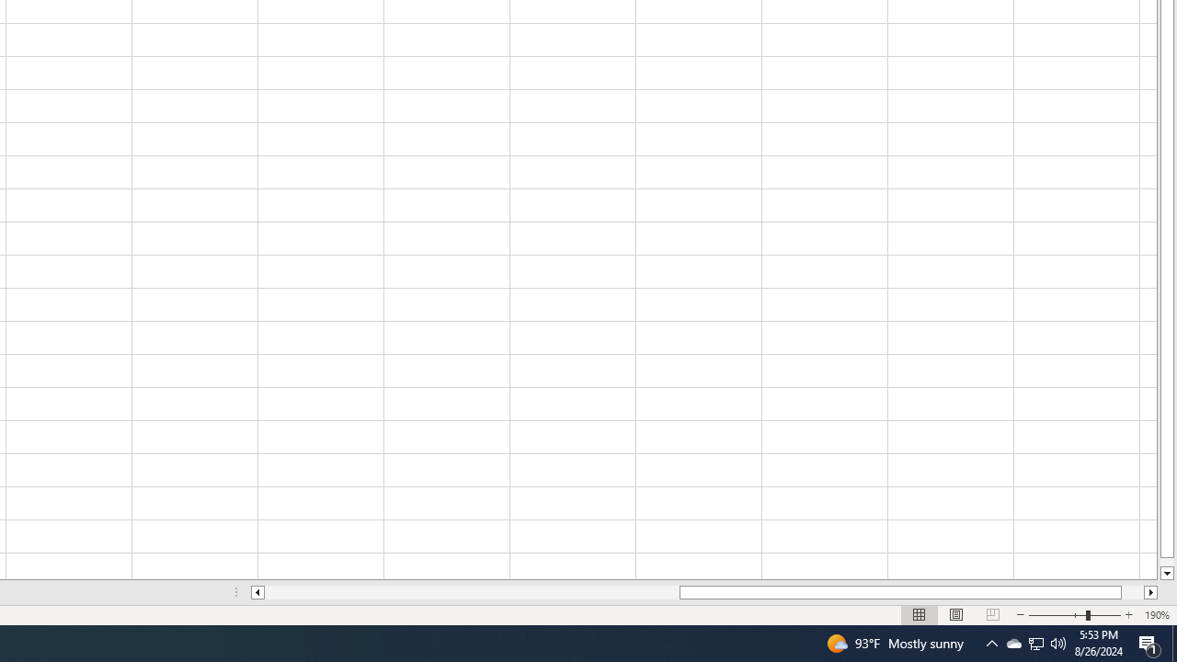  I want to click on 'Line down', so click(1166, 573).